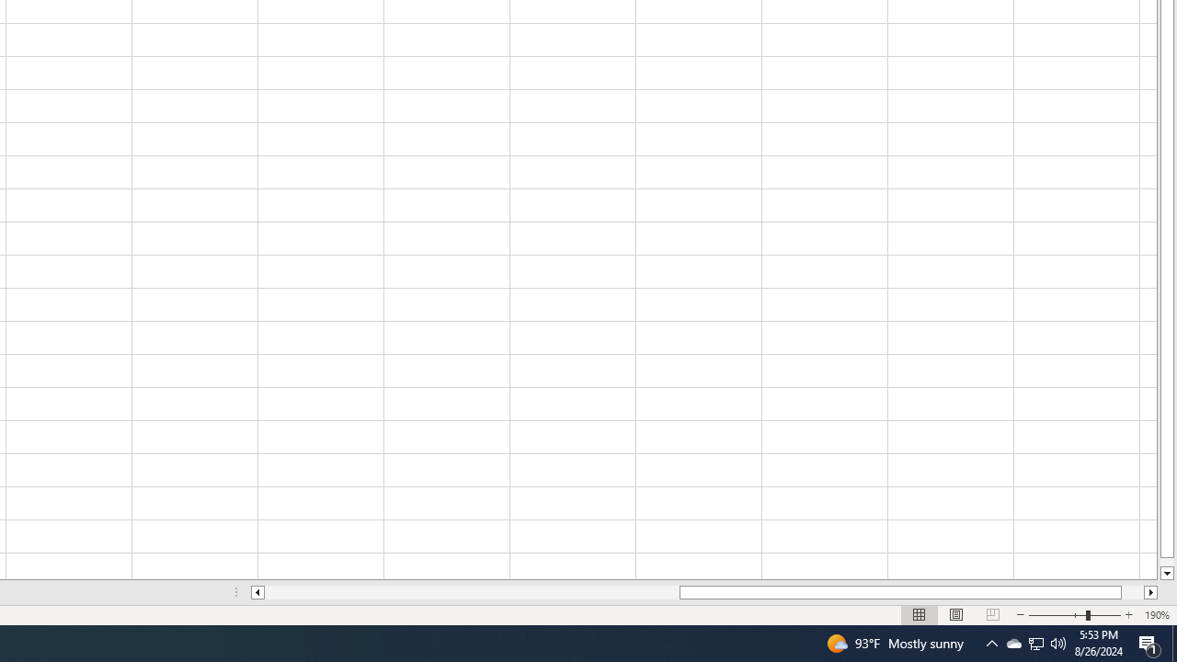  I want to click on 'Line down', so click(1166, 573).